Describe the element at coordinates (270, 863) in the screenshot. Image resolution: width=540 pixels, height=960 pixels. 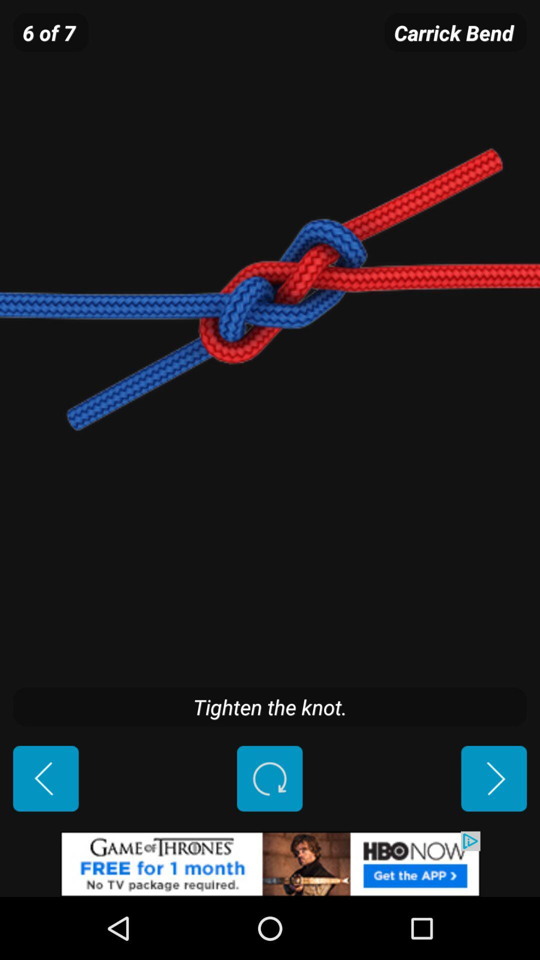
I see `hbo now add` at that location.